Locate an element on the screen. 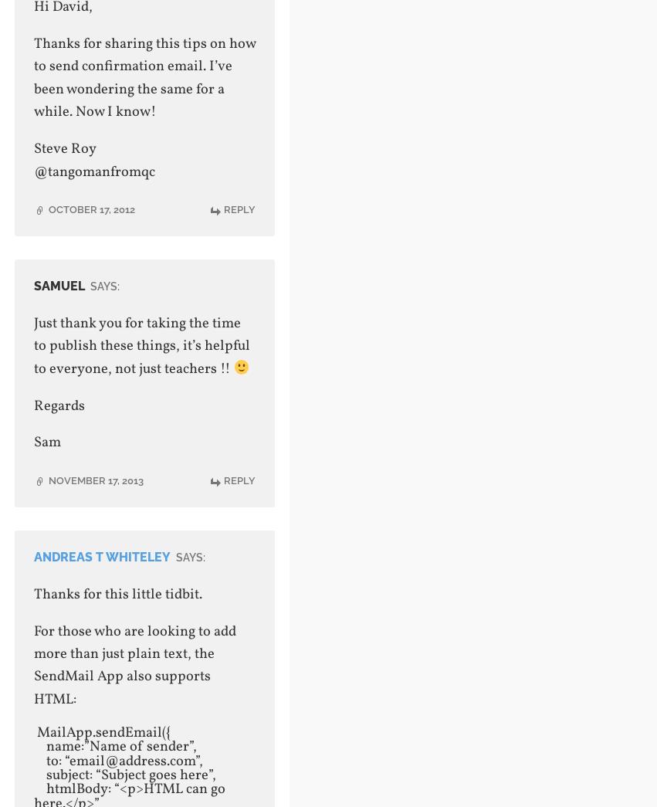 This screenshot has height=807, width=657. 'For those who are looking to add more than just plain text, the SendMail App also supports HTML:' is located at coordinates (134, 663).